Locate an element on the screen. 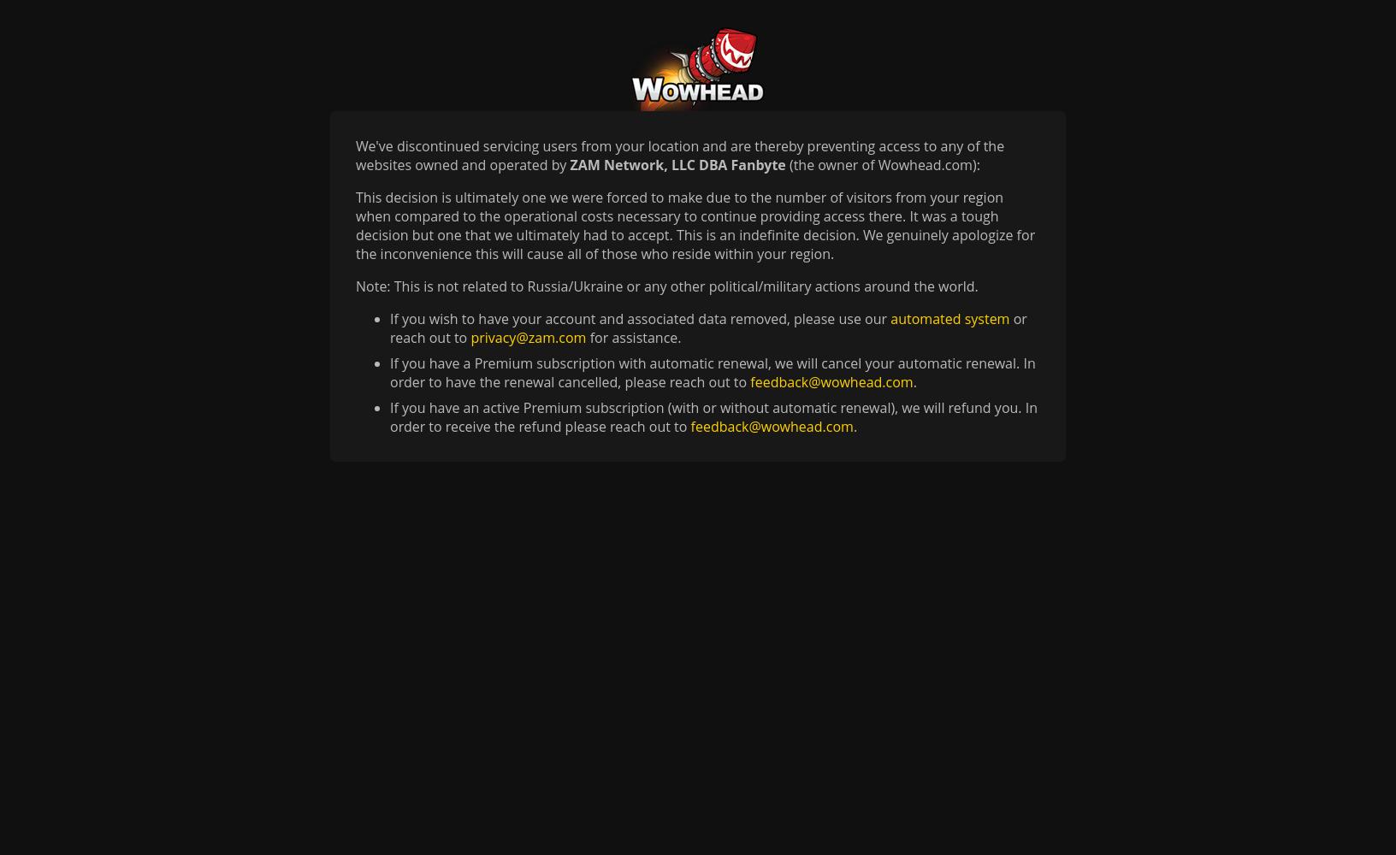 The image size is (1396, 855). 'If you have a Premium subscription with automatic renewal, we will cancel your automatic renewal. In order to have the renewal cancelled, please reach out to' is located at coordinates (711, 373).